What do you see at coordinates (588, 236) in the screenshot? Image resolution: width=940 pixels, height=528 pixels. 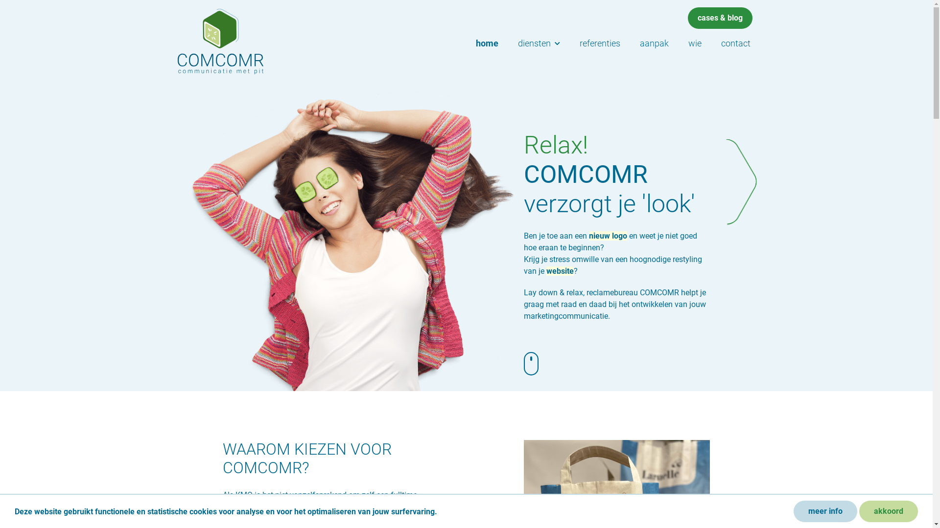 I see `'nieuw logo'` at bounding box center [588, 236].